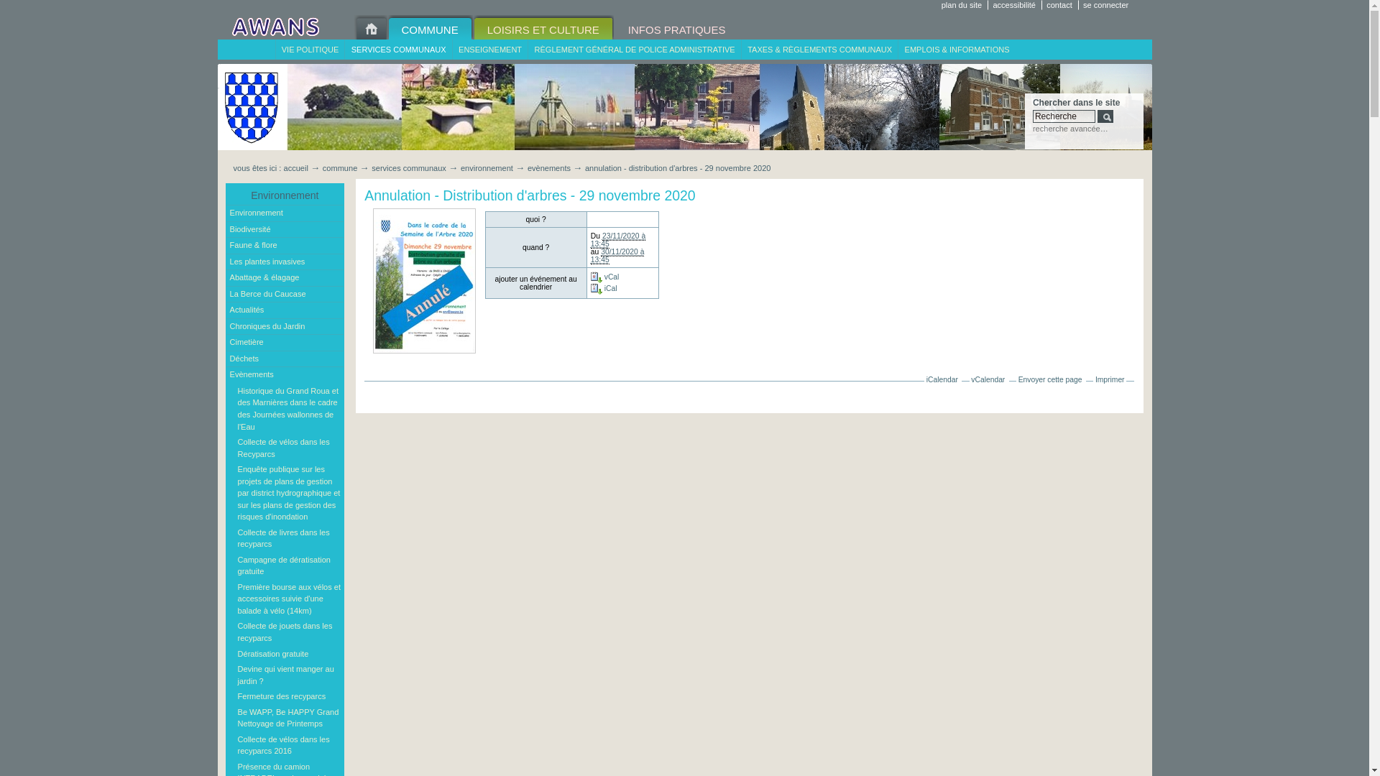 The height and width of the screenshot is (776, 1380). What do you see at coordinates (489, 49) in the screenshot?
I see `'ENSEIGNEMENT'` at bounding box center [489, 49].